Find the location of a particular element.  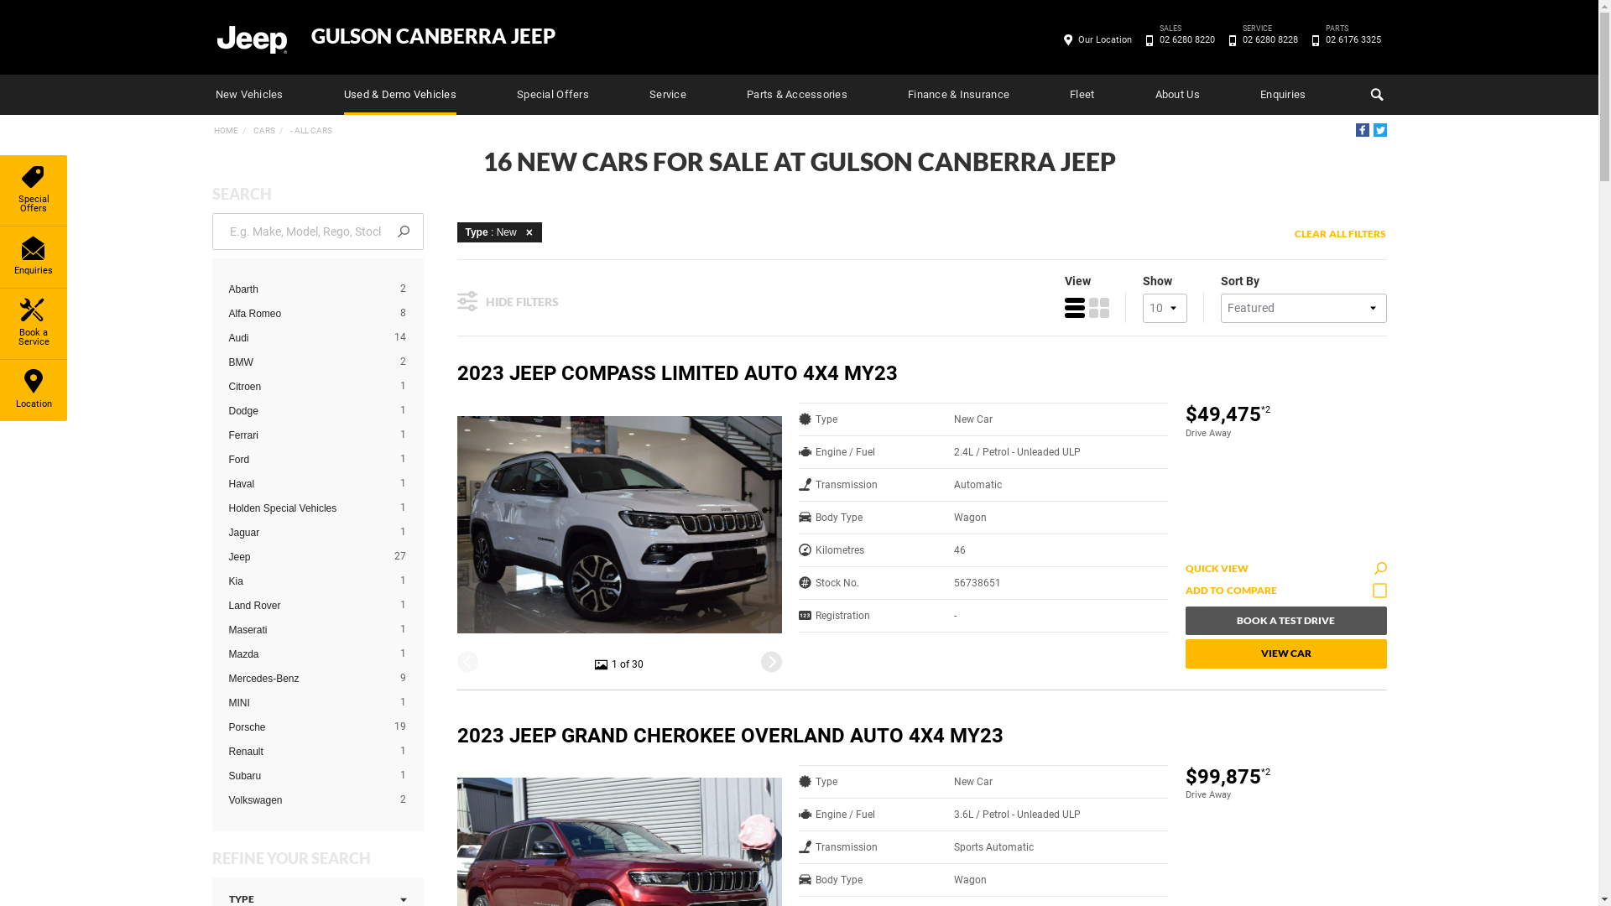

'About Us' is located at coordinates (1176, 94).